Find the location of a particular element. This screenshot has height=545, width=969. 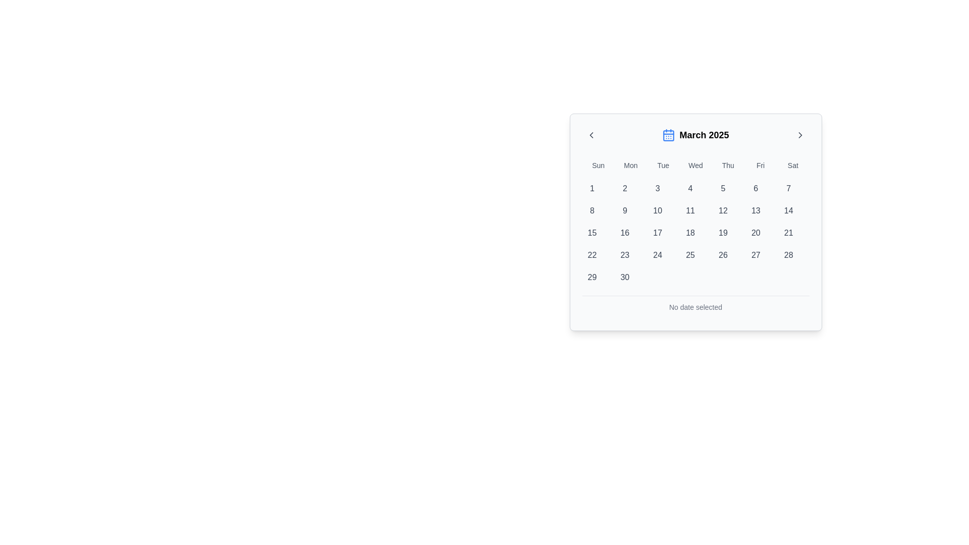

the background rectangle of the calendar icon located next to the text 'March 2025' in the top section of the calendar widget is located at coordinates (669, 135).